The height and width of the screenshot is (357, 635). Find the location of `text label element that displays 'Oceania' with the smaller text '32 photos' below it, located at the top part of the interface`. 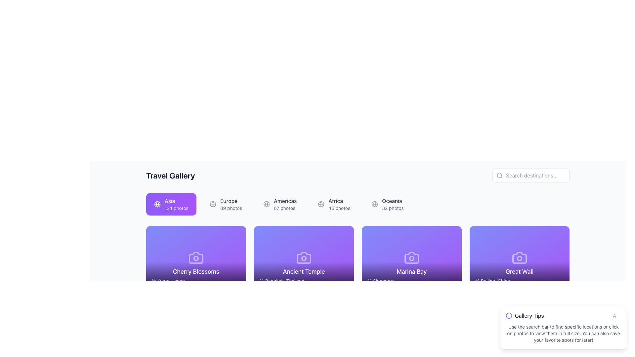

text label element that displays 'Oceania' with the smaller text '32 photos' below it, located at the top part of the interface is located at coordinates (393, 204).